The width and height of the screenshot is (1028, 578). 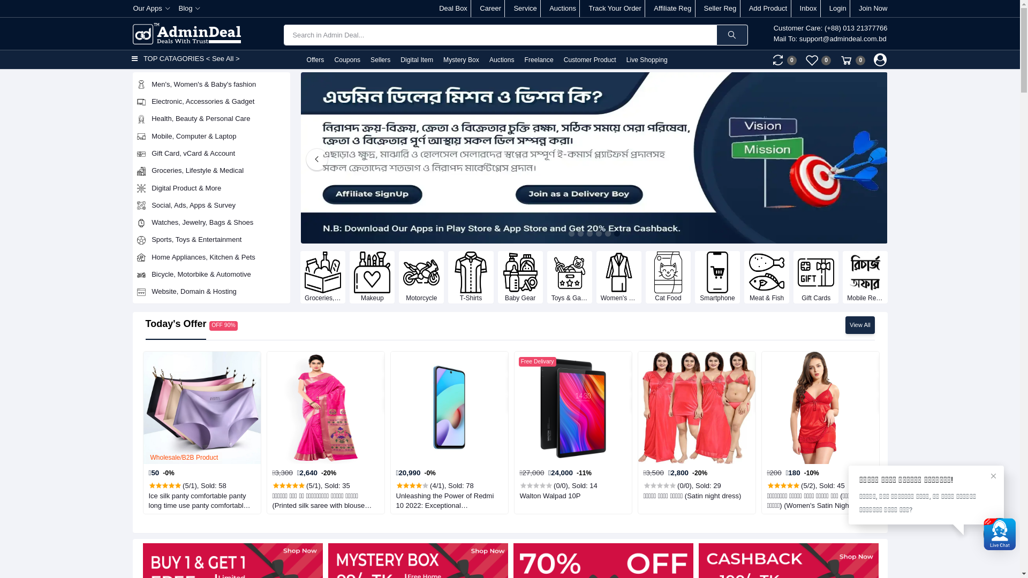 What do you see at coordinates (617, 233) in the screenshot?
I see `'6'` at bounding box center [617, 233].